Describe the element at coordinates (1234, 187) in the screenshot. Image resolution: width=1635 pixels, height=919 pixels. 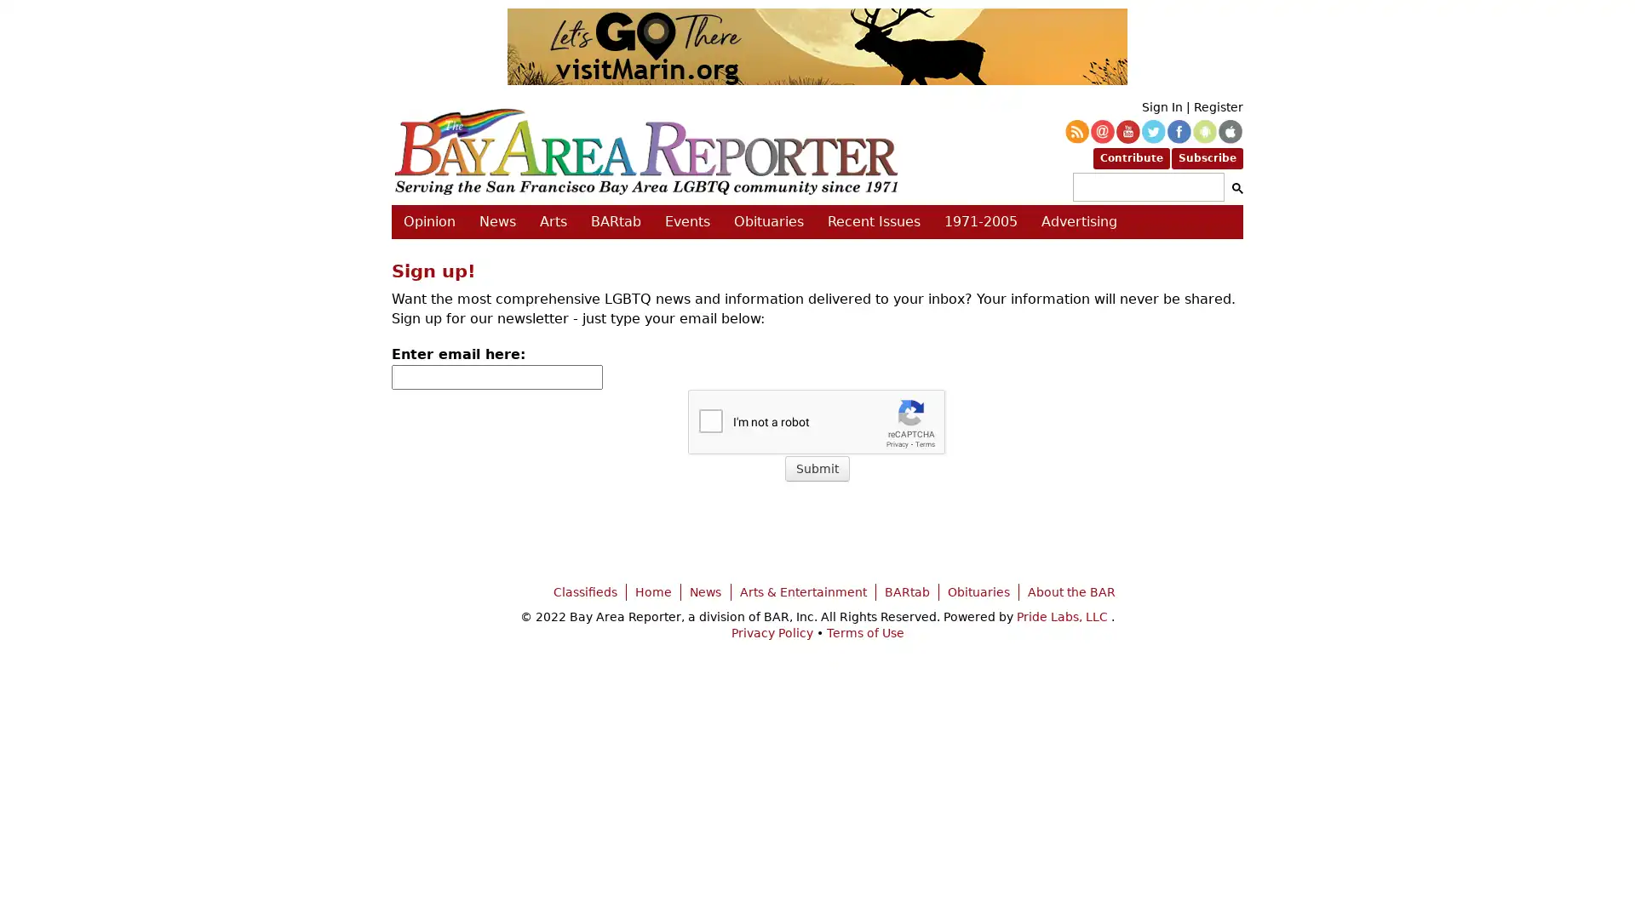
I see `search` at that location.